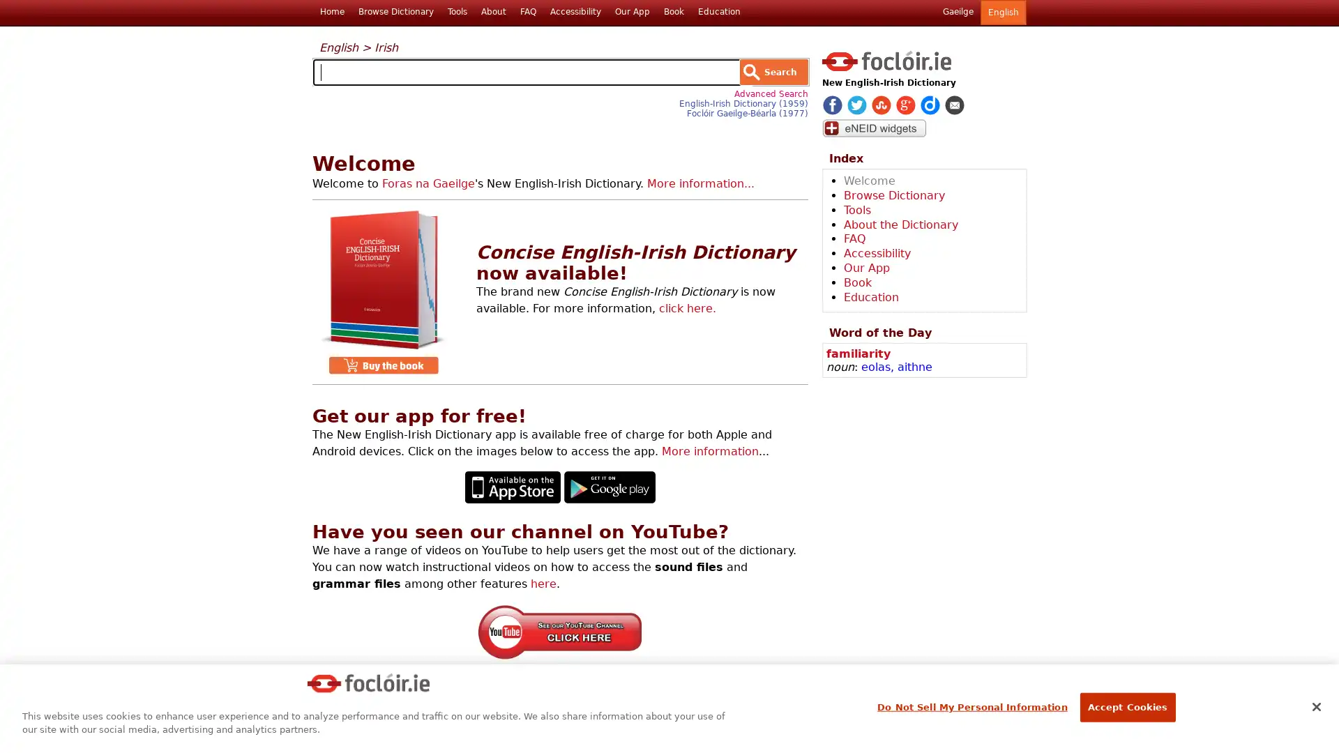 The height and width of the screenshot is (753, 1339). What do you see at coordinates (773, 72) in the screenshot?
I see `Search` at bounding box center [773, 72].